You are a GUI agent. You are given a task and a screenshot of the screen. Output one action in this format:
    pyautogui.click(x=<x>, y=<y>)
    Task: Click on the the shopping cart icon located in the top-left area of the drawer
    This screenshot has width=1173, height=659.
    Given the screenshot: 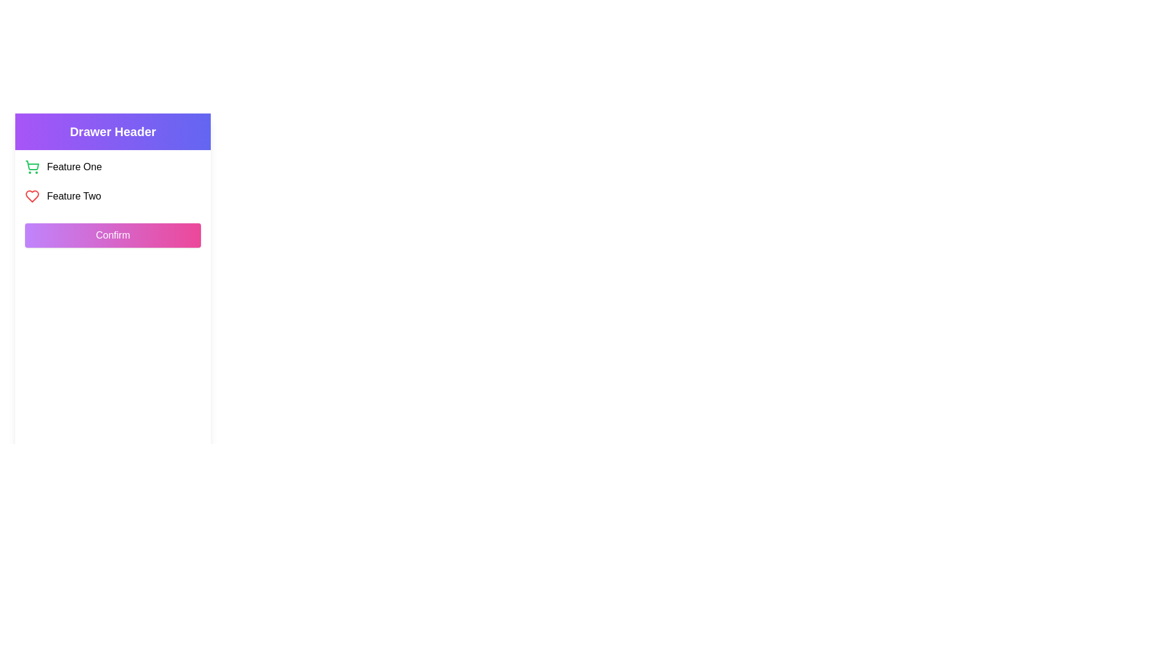 What is the action you would take?
    pyautogui.click(x=32, y=165)
    